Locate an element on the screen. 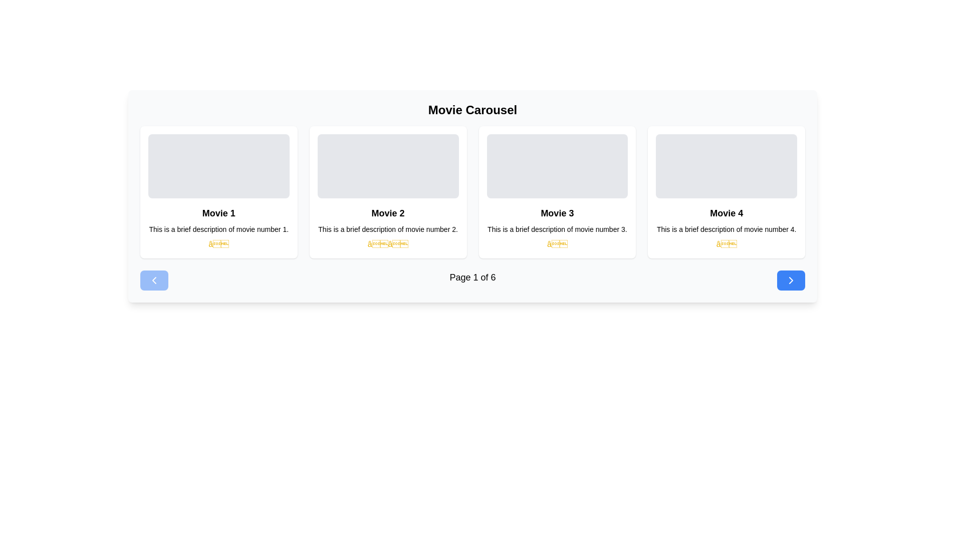  the Rating Star icon located in the center of the first card in the horizontal carousel beneath the title 'Movie 1' is located at coordinates (218, 244).